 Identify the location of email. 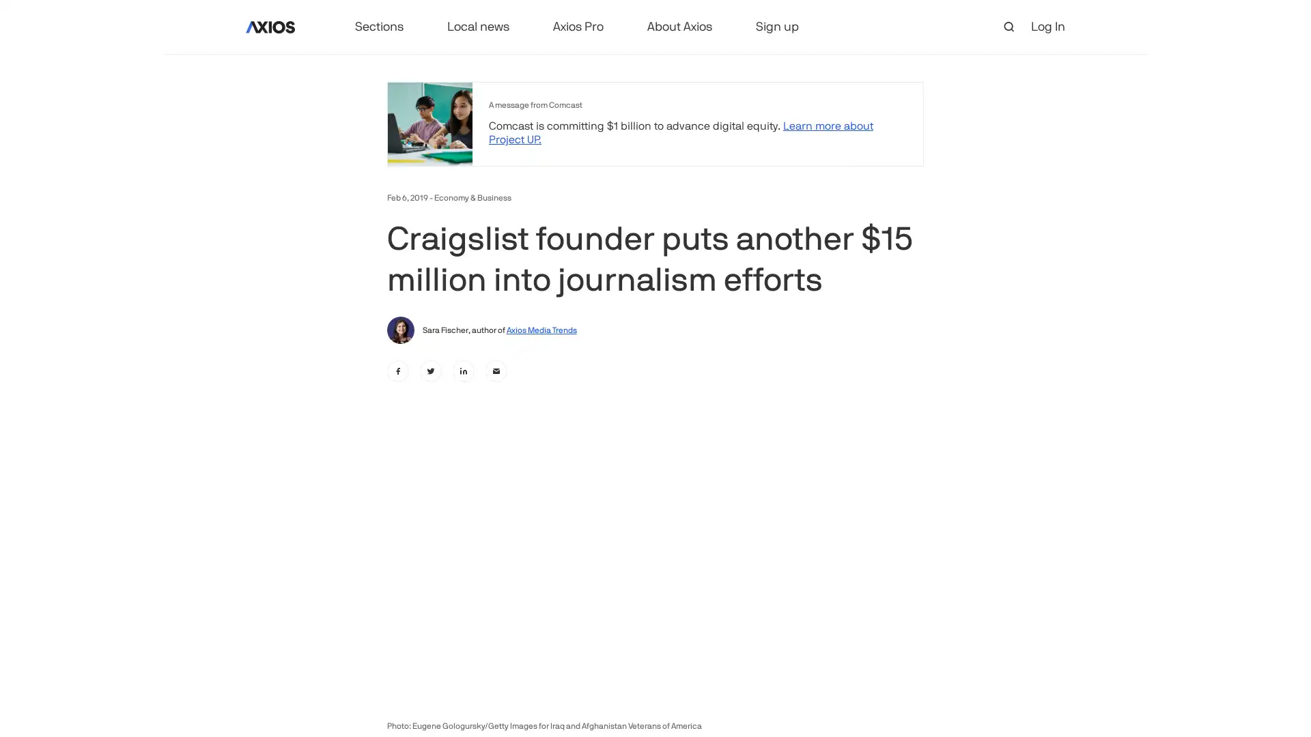
(494, 371).